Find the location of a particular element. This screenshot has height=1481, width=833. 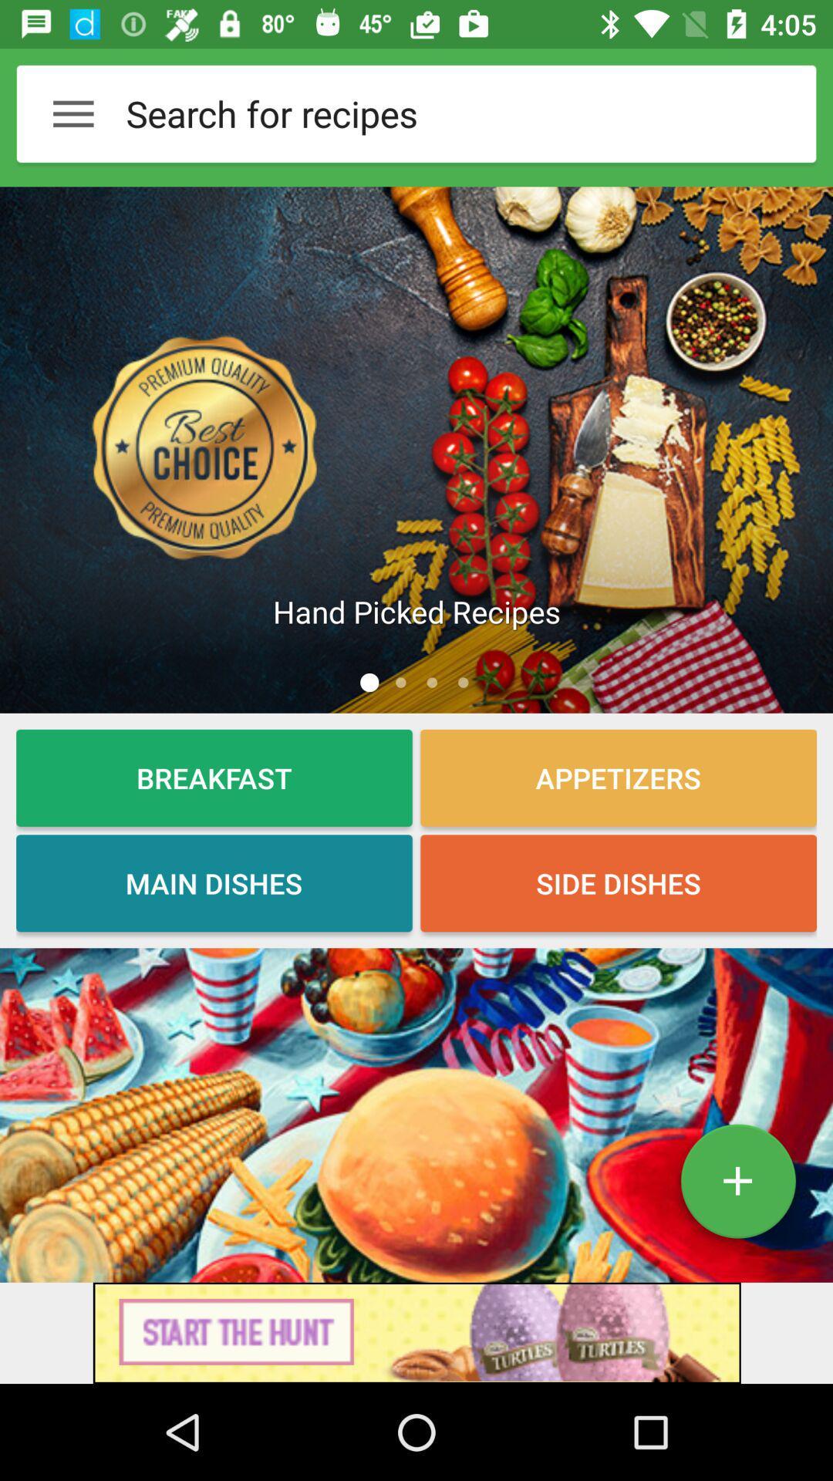

connect to advertisement is located at coordinates (416, 1332).